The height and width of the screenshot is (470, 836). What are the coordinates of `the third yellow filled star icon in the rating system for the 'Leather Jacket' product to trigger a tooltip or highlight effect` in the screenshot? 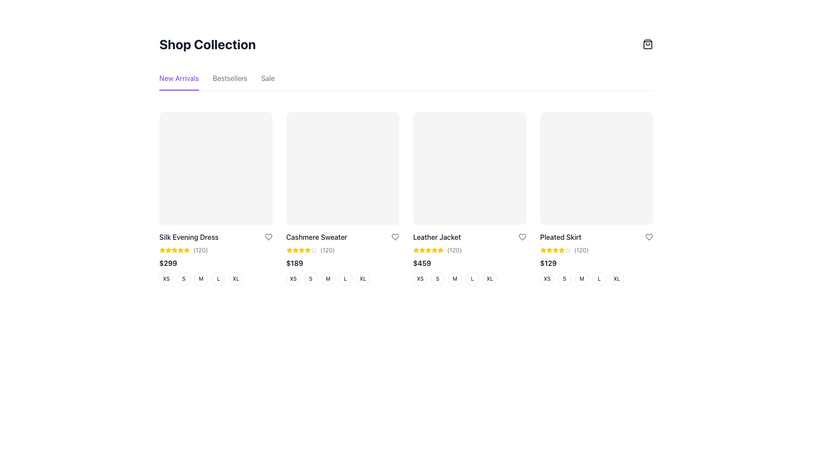 It's located at (422, 250).